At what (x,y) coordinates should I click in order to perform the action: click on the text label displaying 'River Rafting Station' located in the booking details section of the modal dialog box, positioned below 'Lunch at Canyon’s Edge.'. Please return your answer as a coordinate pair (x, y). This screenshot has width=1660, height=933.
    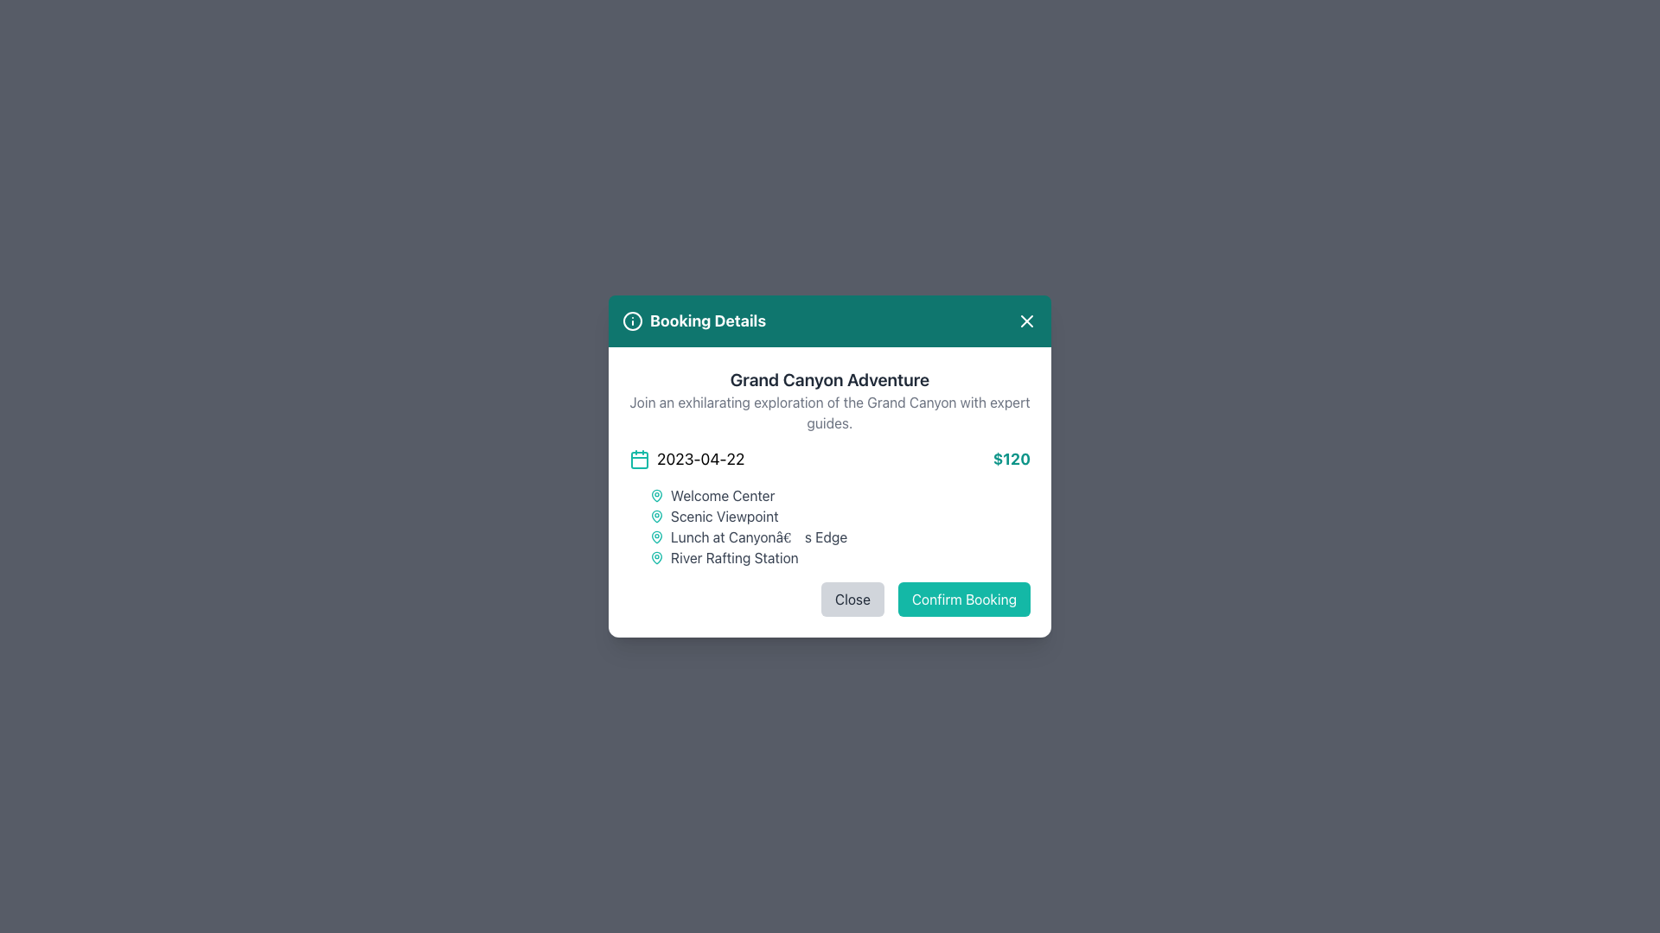
    Looking at the image, I should click on (734, 557).